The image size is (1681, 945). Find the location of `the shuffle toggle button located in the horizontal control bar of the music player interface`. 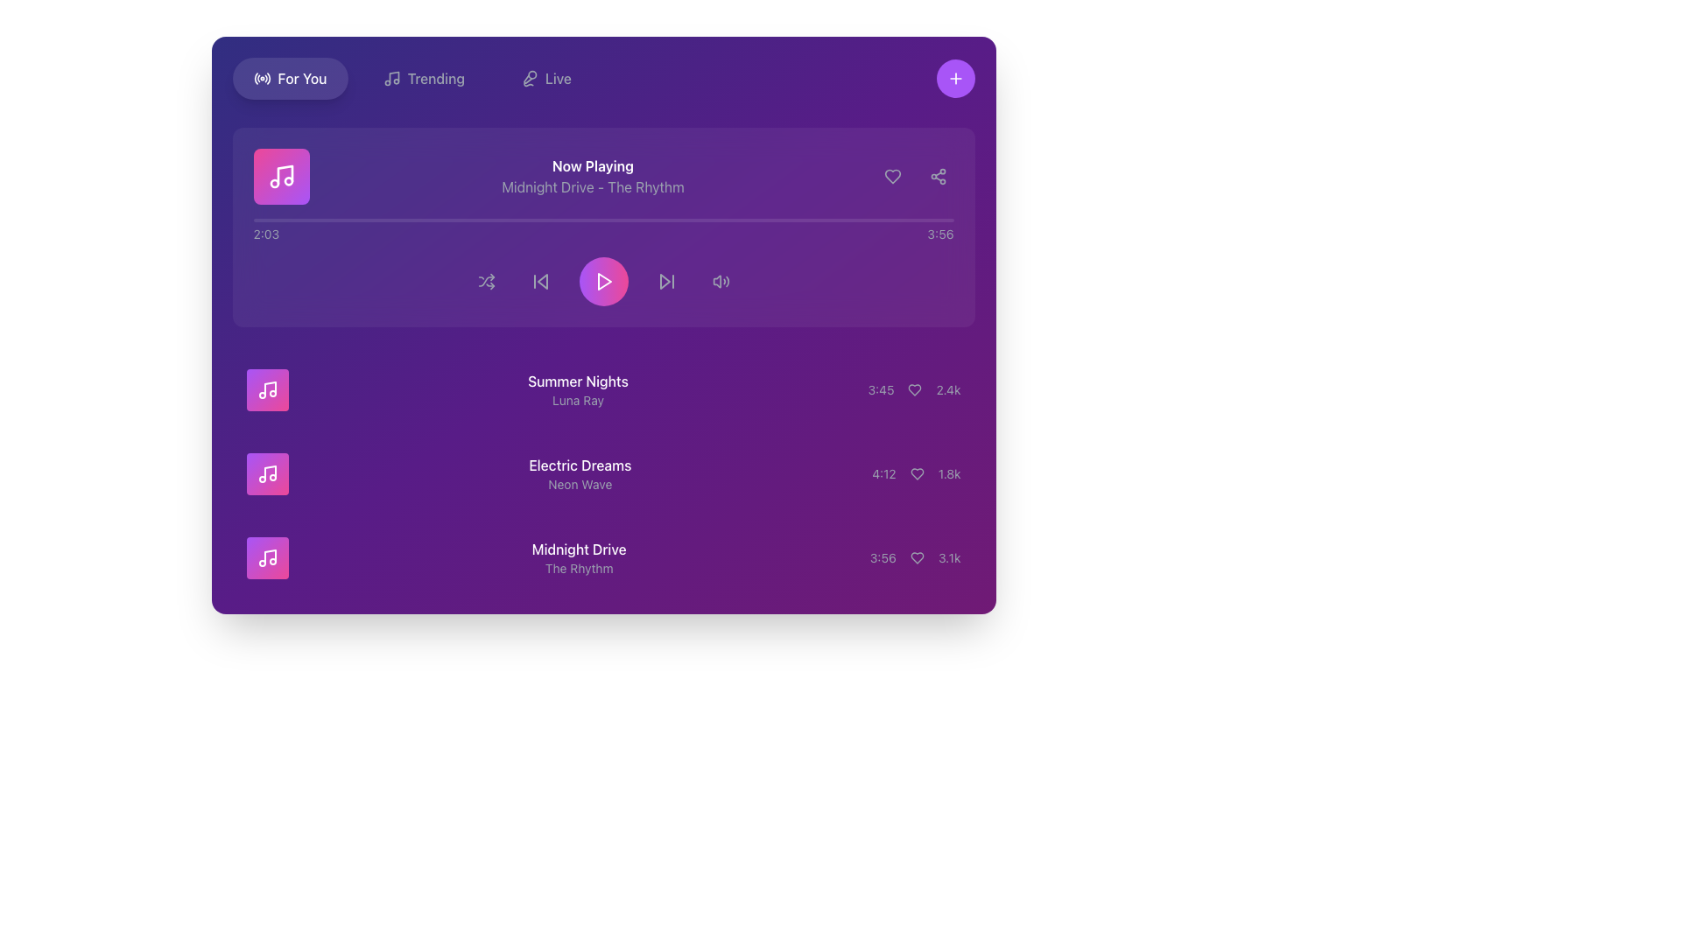

the shuffle toggle button located in the horizontal control bar of the music player interface is located at coordinates (486, 280).